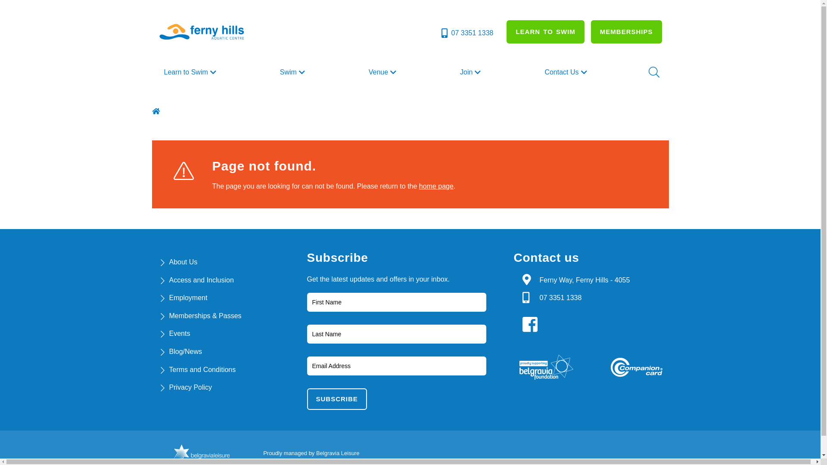 This screenshot has height=465, width=827. I want to click on 'Search', so click(653, 72).